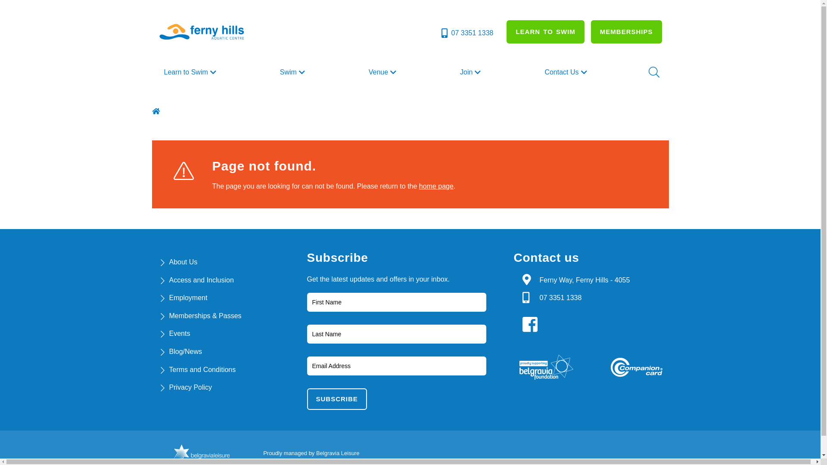 This screenshot has height=465, width=827. I want to click on 'Search', so click(653, 72).